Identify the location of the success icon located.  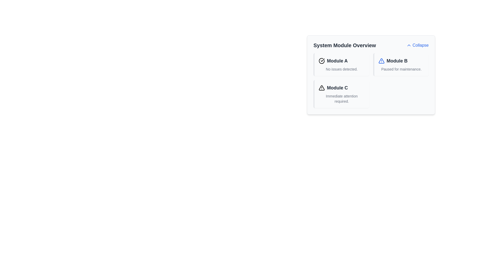
(321, 61).